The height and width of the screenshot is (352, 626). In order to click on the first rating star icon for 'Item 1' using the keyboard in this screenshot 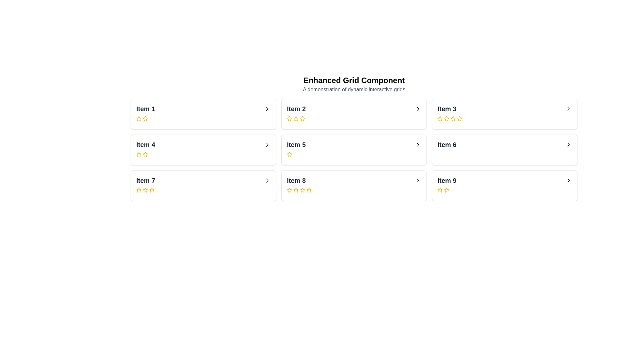, I will do `click(145, 118)`.